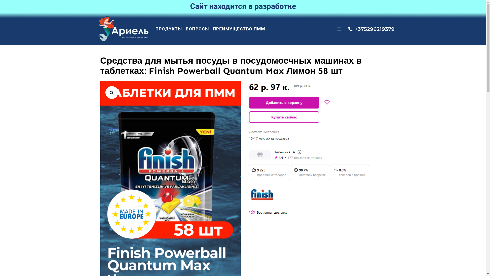 Image resolution: width=490 pixels, height=276 pixels. What do you see at coordinates (368, 29) in the screenshot?
I see `'+375296219379'` at bounding box center [368, 29].